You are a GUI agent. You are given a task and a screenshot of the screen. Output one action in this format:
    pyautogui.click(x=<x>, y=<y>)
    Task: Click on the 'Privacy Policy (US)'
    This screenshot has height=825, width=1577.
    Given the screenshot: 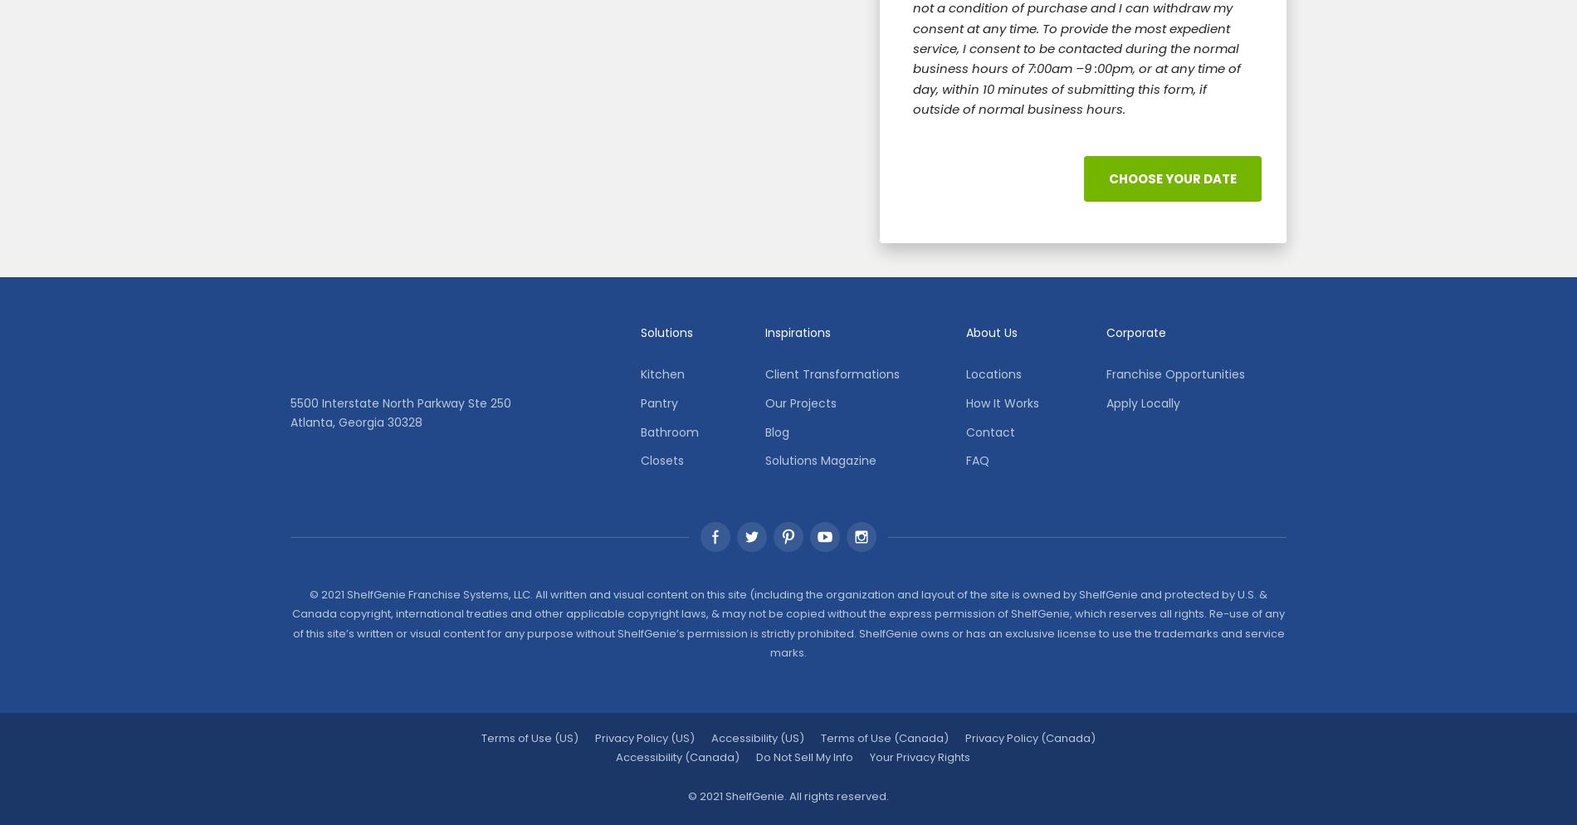 What is the action you would take?
    pyautogui.click(x=643, y=737)
    